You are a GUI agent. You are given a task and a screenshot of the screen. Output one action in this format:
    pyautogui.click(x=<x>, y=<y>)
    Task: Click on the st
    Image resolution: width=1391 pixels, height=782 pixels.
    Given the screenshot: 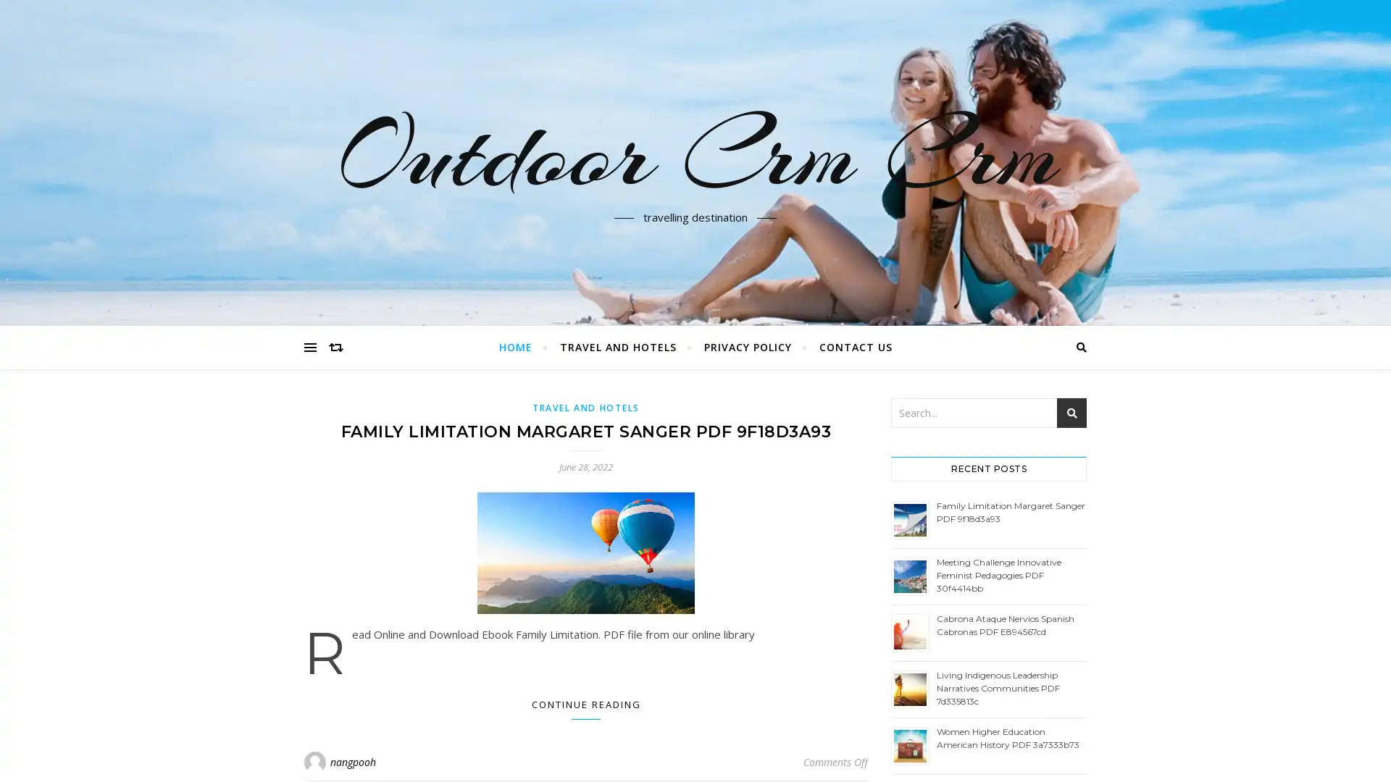 What is the action you would take?
    pyautogui.click(x=1072, y=413)
    